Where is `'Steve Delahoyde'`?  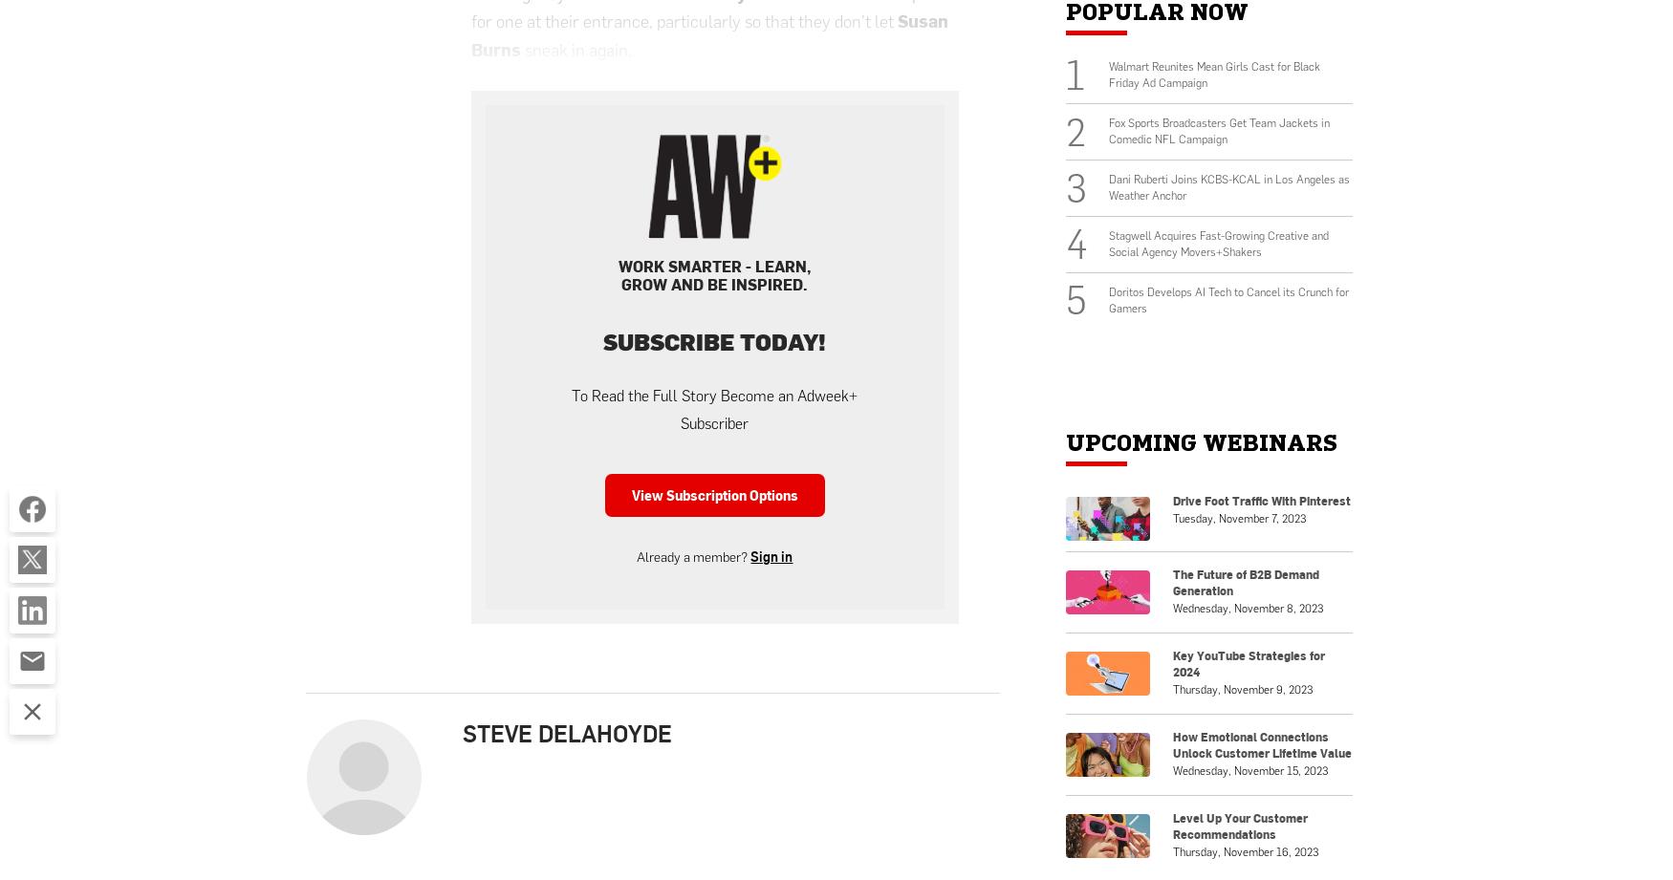 'Steve Delahoyde' is located at coordinates (567, 733).